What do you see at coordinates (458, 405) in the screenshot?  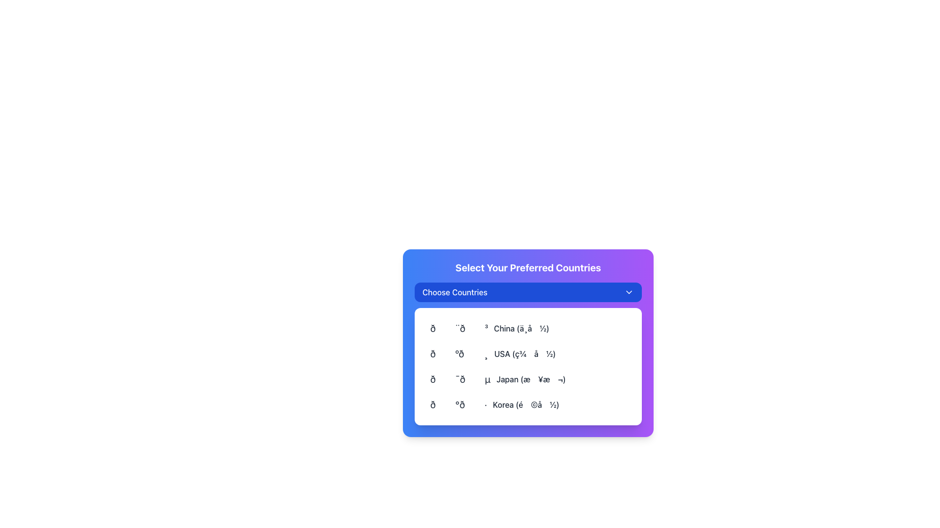 I see `the Korea flag icon or emoji located at the beginning of the fourth row in the dropdown menu, adjacent to the text label 'Korea (한국)'` at bounding box center [458, 405].